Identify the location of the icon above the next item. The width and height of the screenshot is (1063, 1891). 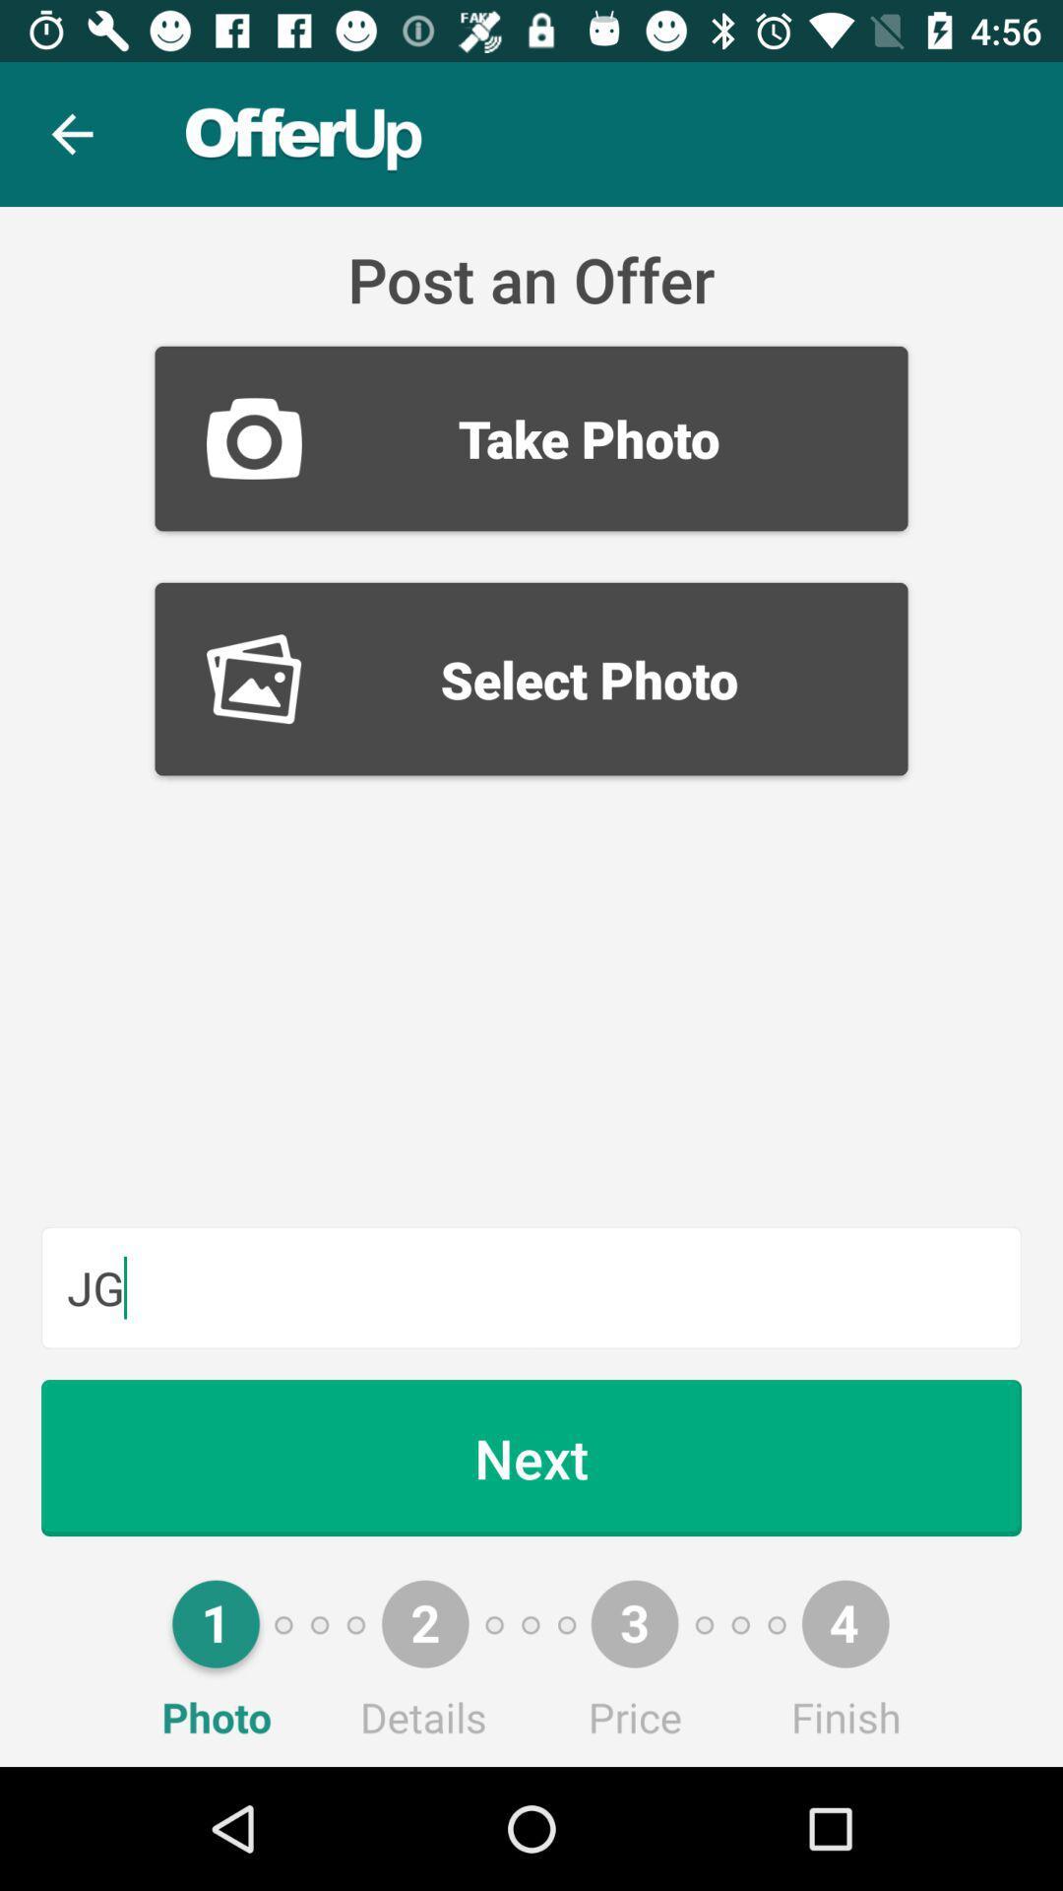
(531, 1287).